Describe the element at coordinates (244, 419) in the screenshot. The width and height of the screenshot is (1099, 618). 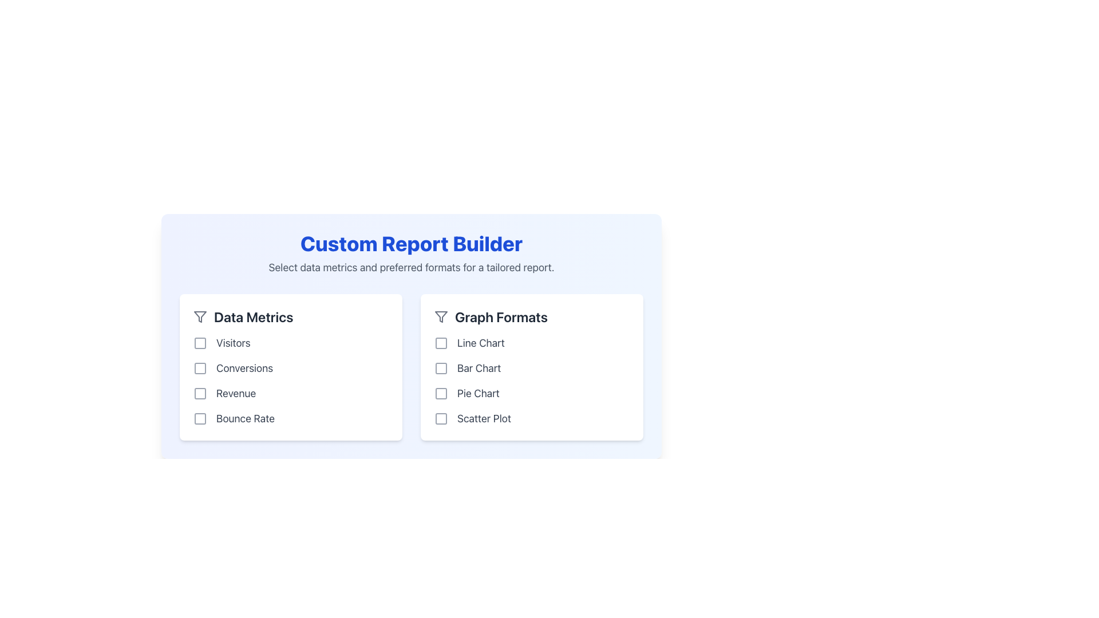
I see `the 'Bounce Rate' text label, which identifies the corresponding checkbox option in the 'Data Metrics' list` at that location.